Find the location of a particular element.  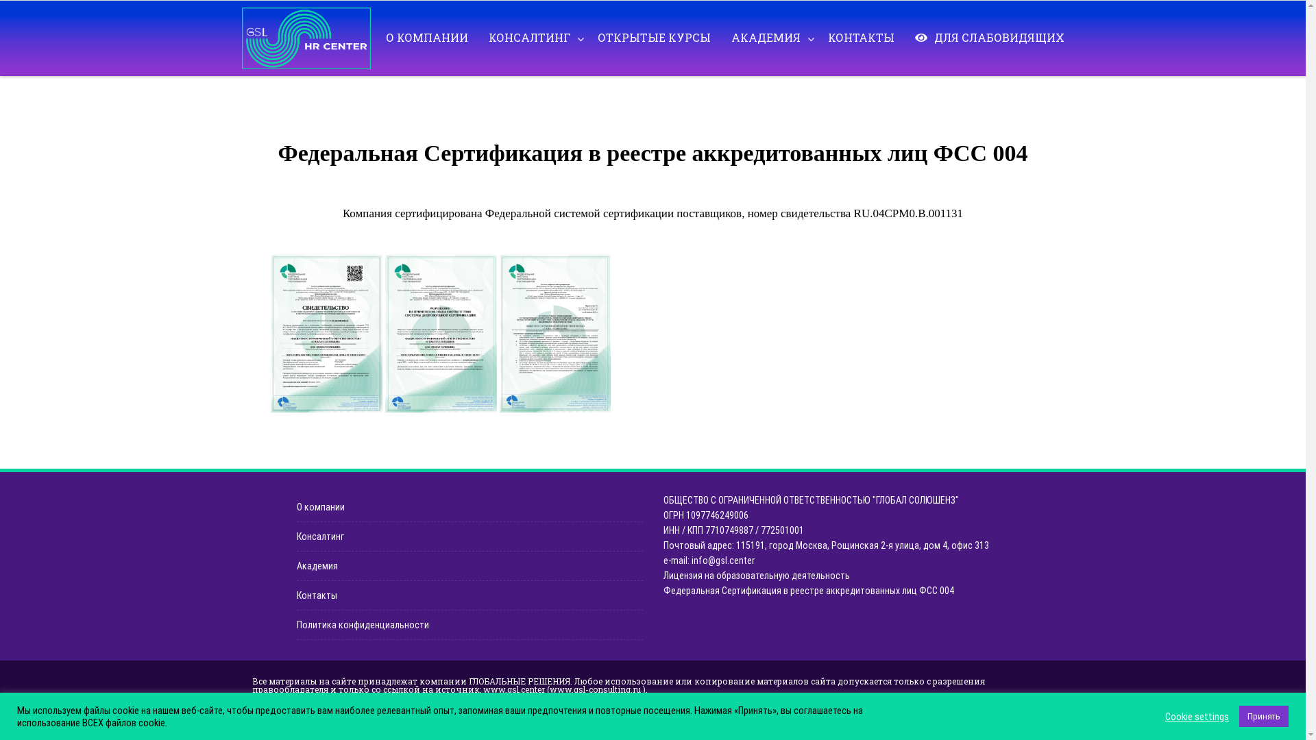

'Cookie settings' is located at coordinates (1196, 715).